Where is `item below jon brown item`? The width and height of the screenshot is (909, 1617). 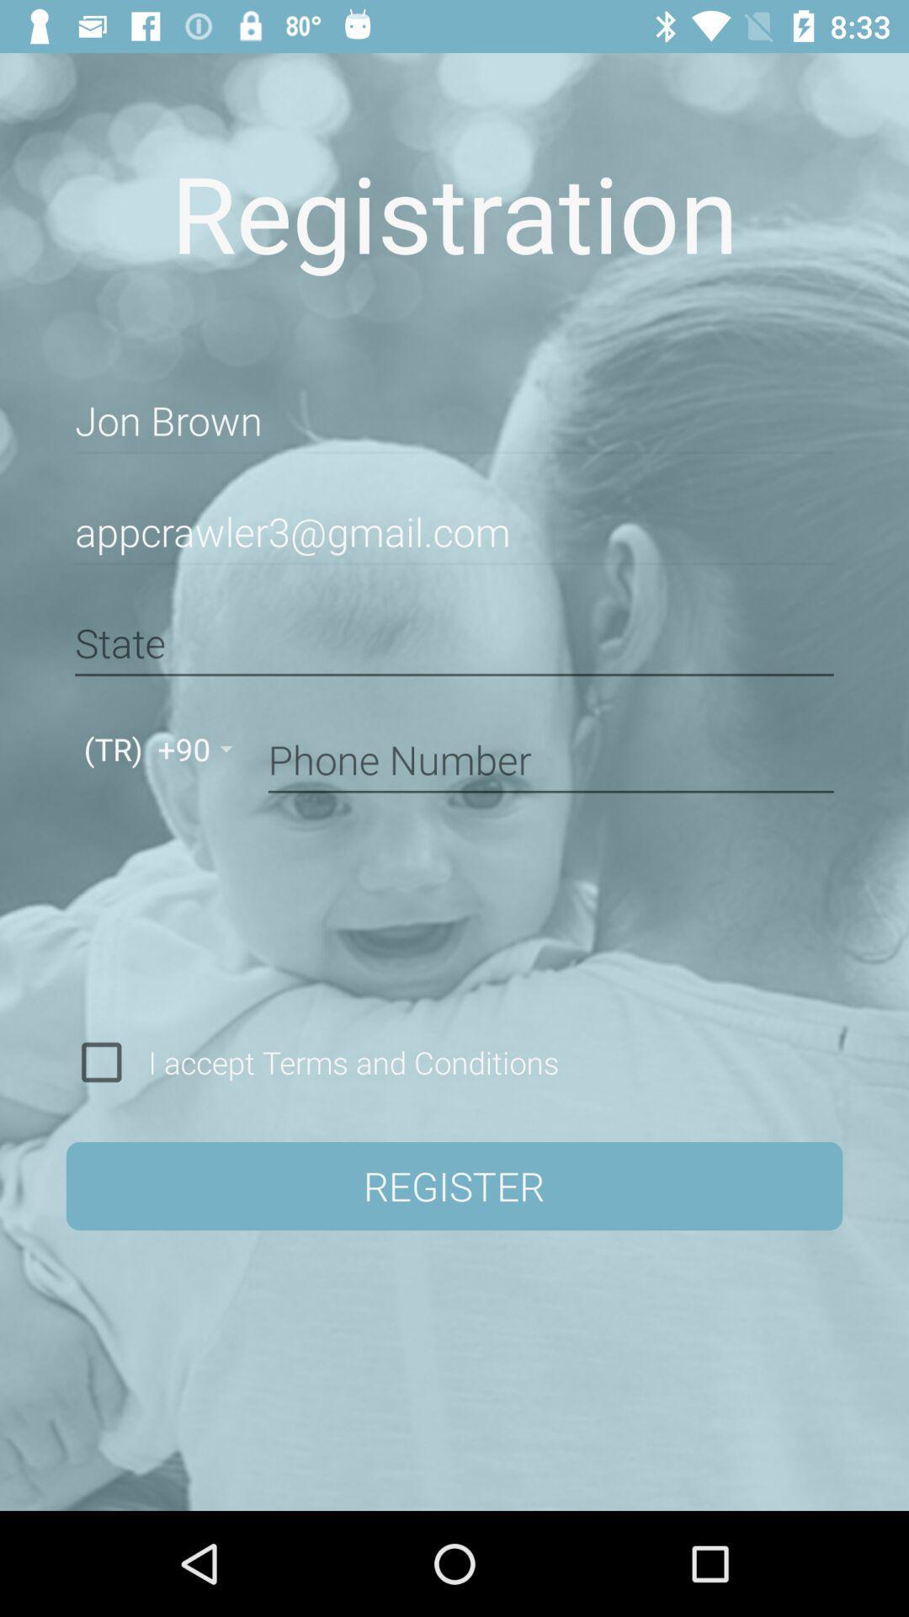
item below jon brown item is located at coordinates (454, 531).